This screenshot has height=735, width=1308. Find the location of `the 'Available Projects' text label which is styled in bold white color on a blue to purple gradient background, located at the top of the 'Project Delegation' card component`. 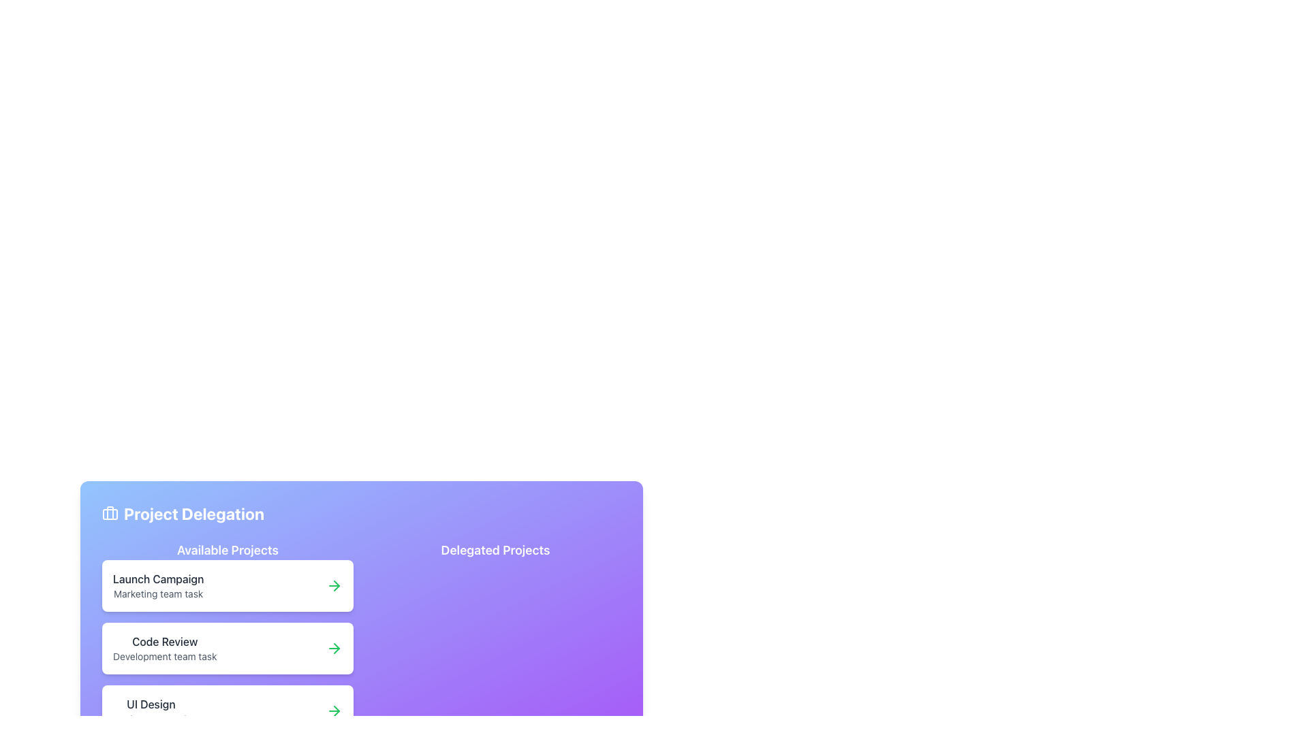

the 'Available Projects' text label which is styled in bold white color on a blue to purple gradient background, located at the top of the 'Project Delegation' card component is located at coordinates (228, 550).